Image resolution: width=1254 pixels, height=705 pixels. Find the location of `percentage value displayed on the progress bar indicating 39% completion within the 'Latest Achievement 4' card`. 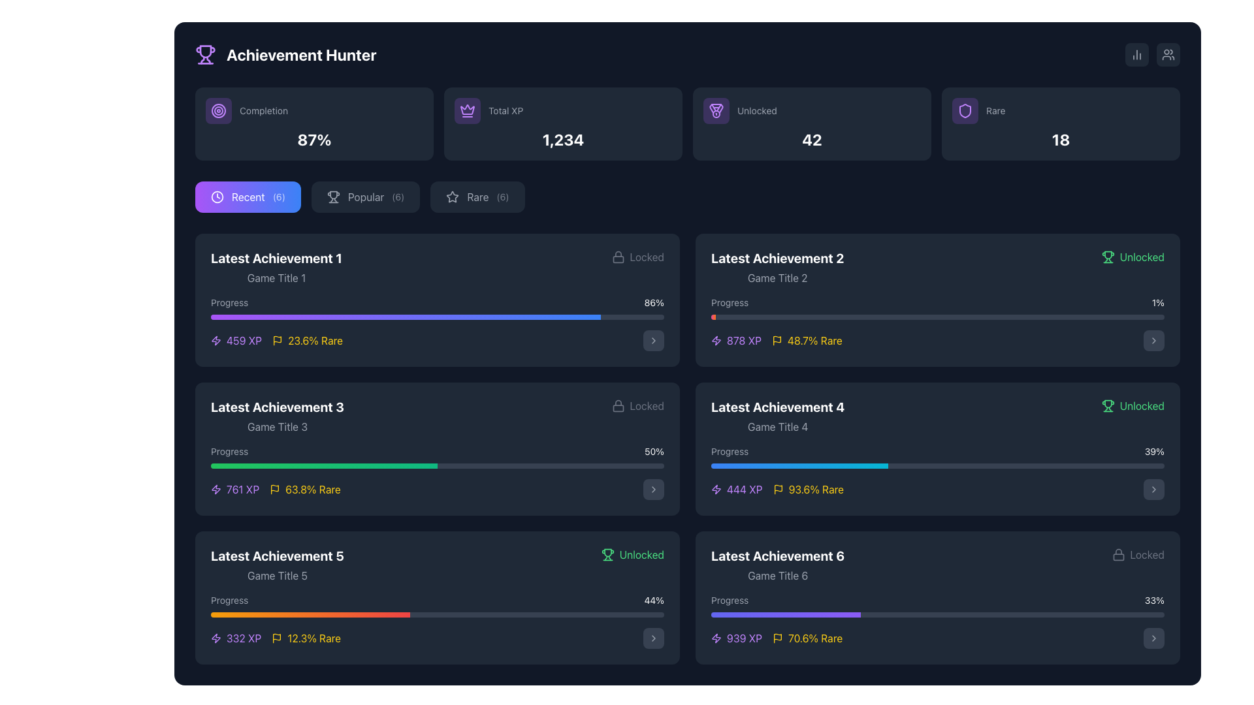

percentage value displayed on the progress bar indicating 39% completion within the 'Latest Achievement 4' card is located at coordinates (937, 456).